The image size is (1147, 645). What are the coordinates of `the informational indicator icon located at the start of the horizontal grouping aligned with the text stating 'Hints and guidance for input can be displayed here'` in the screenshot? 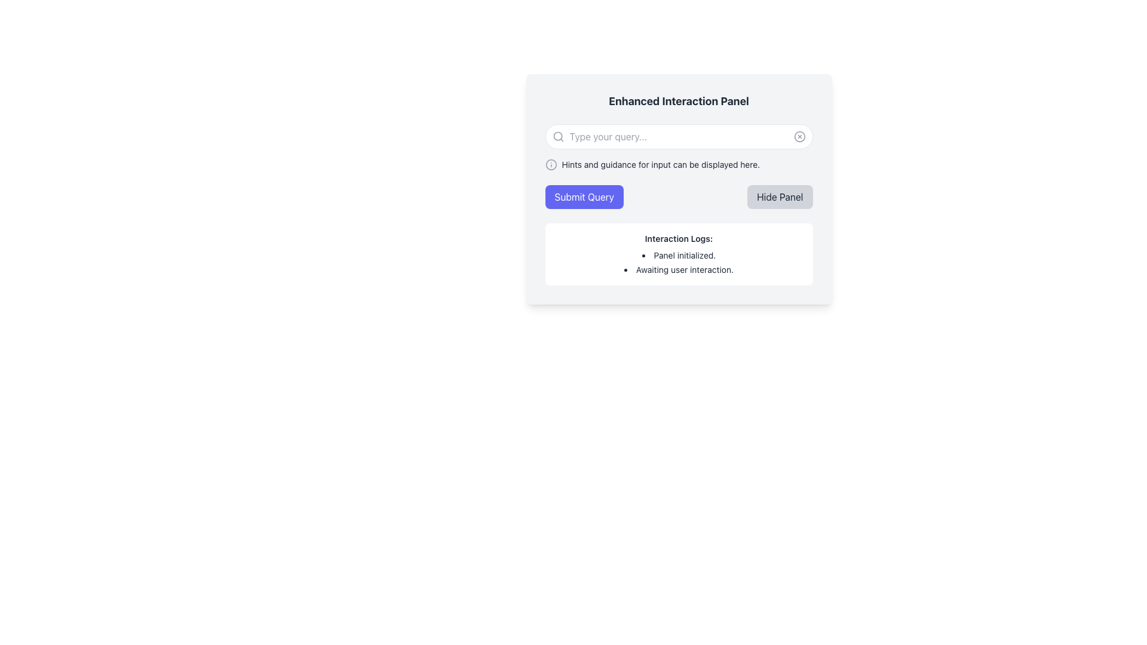 It's located at (550, 165).